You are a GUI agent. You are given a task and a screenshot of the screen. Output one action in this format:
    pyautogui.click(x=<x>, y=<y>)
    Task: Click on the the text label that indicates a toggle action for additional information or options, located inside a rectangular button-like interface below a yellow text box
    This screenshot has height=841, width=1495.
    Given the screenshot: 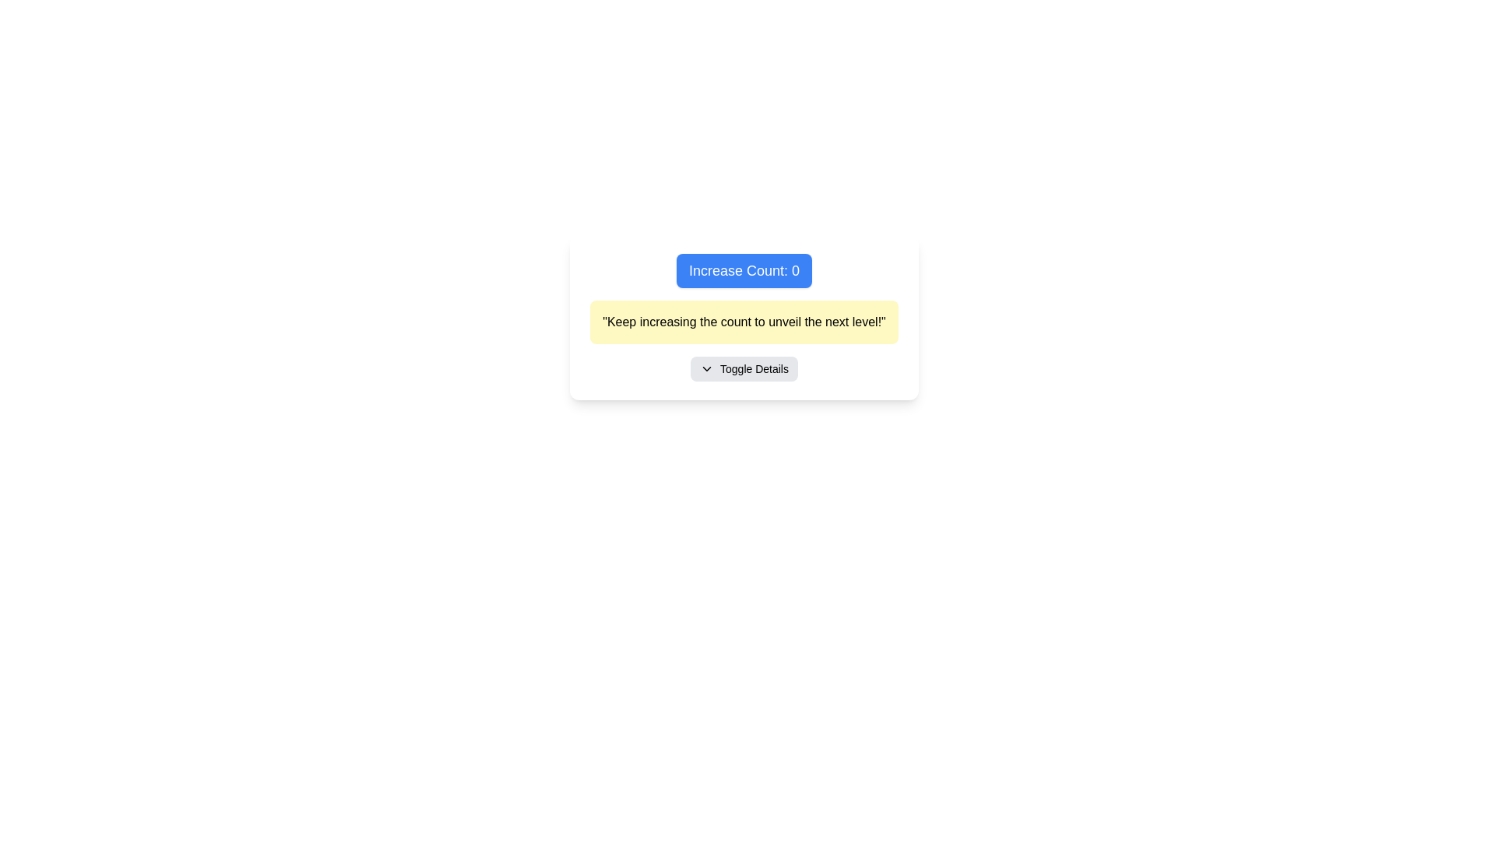 What is the action you would take?
    pyautogui.click(x=755, y=369)
    